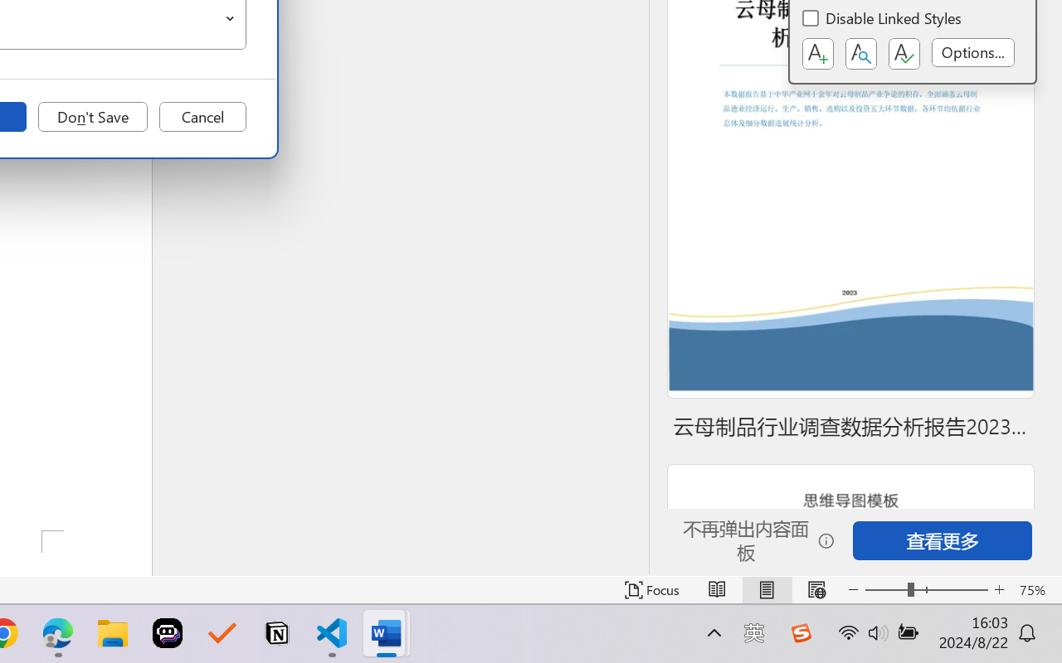 This screenshot has height=663, width=1062. Describe the element at coordinates (92, 117) in the screenshot. I see `'Don'` at that location.